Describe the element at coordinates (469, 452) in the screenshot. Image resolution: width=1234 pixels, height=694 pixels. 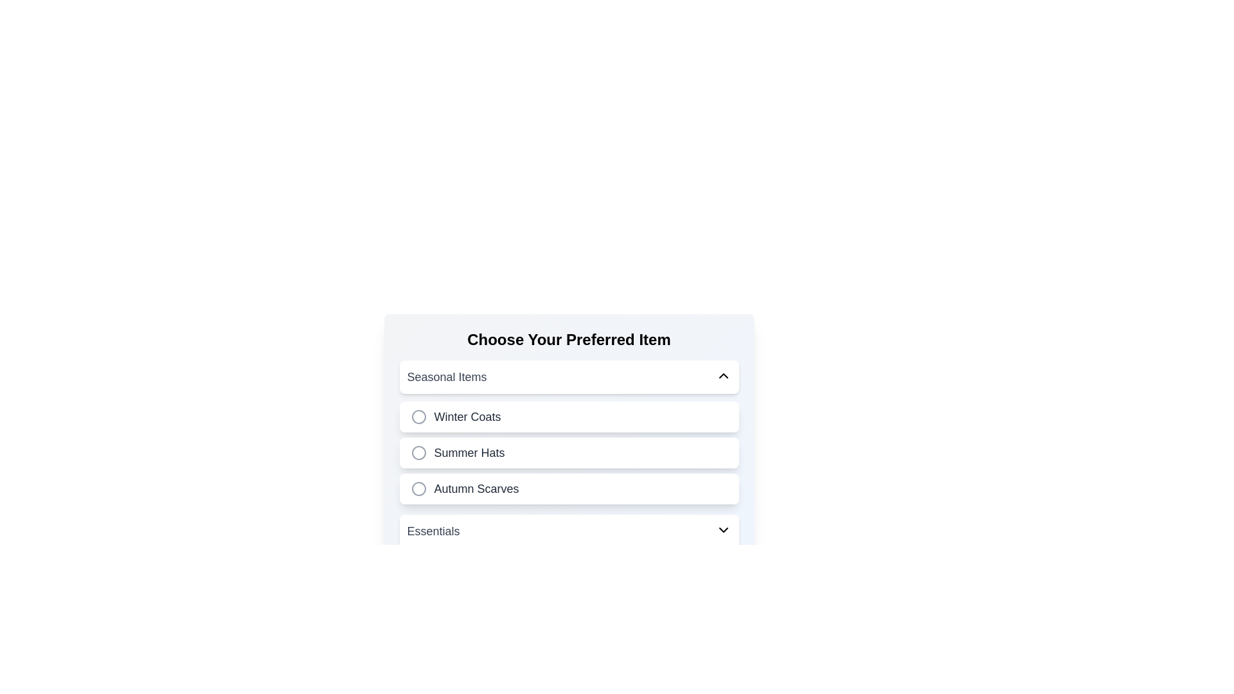
I see `the 'Summer Hats' text label, which serves as a label for a radio button option allowing users to select it from a list of preferences` at that location.